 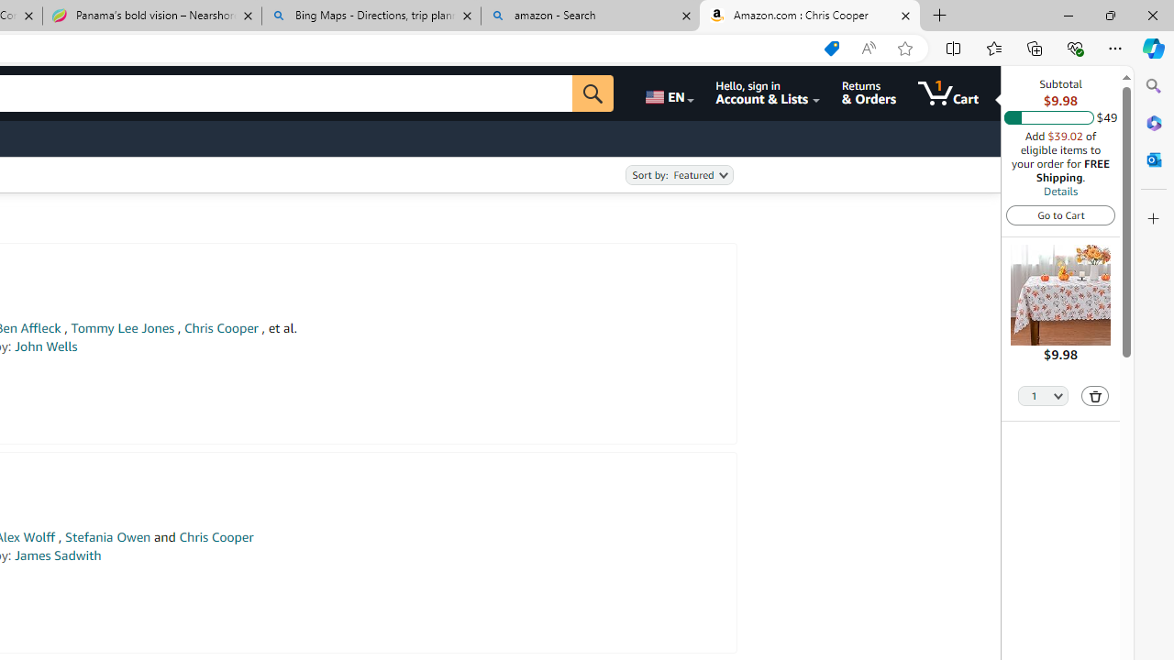 I want to click on 'Stefania Owen', so click(x=106, y=536).